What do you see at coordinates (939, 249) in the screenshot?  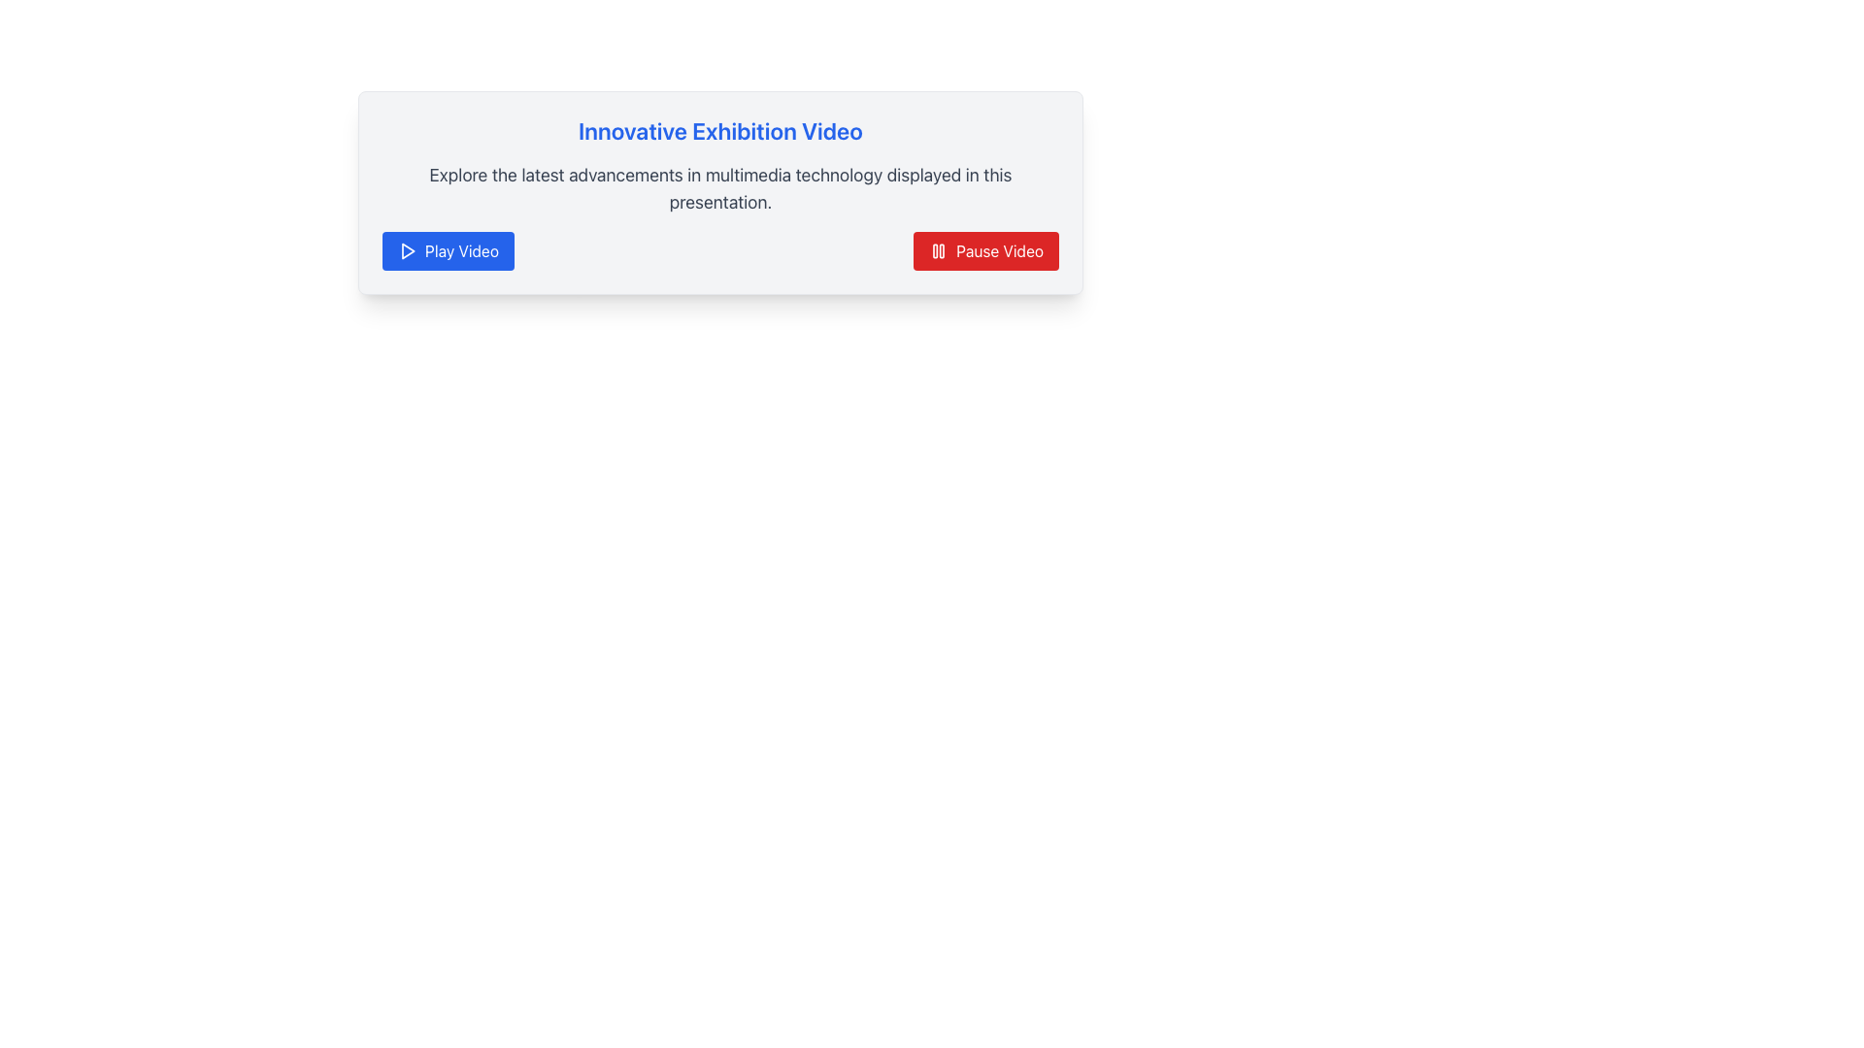 I see `the pause icon indicating the pause functionality for the video player, which is located within the 'Pause Video' button` at bounding box center [939, 249].